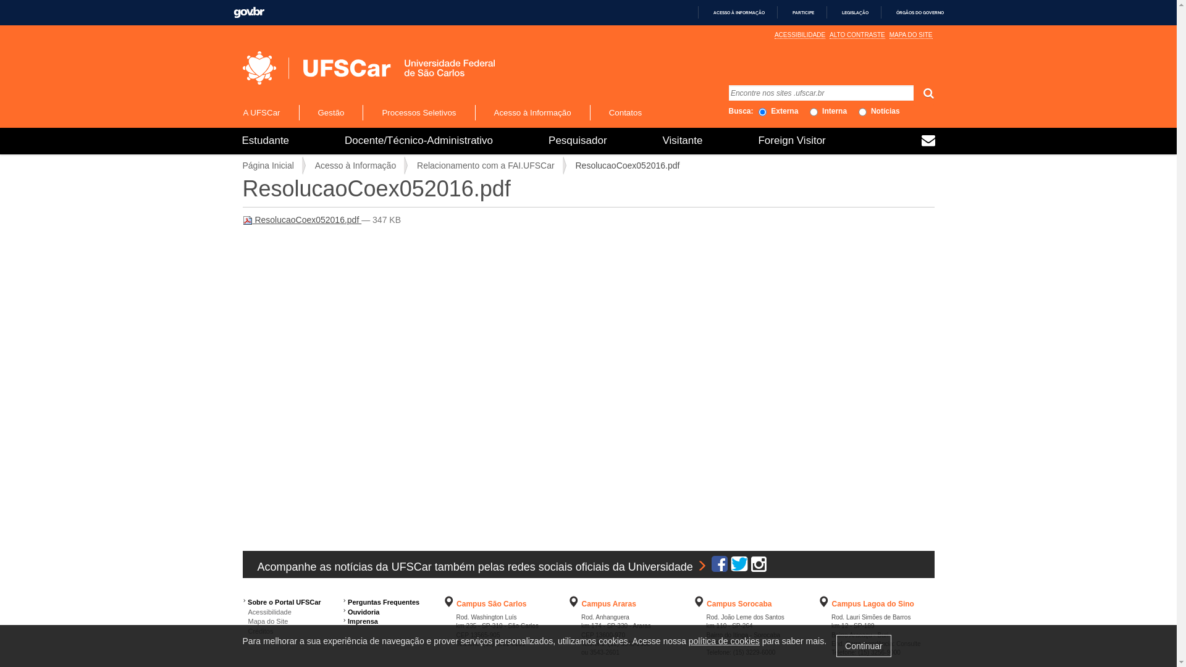 The image size is (1186, 667). I want to click on 'Facebook UFSCar Oficial', so click(720, 567).